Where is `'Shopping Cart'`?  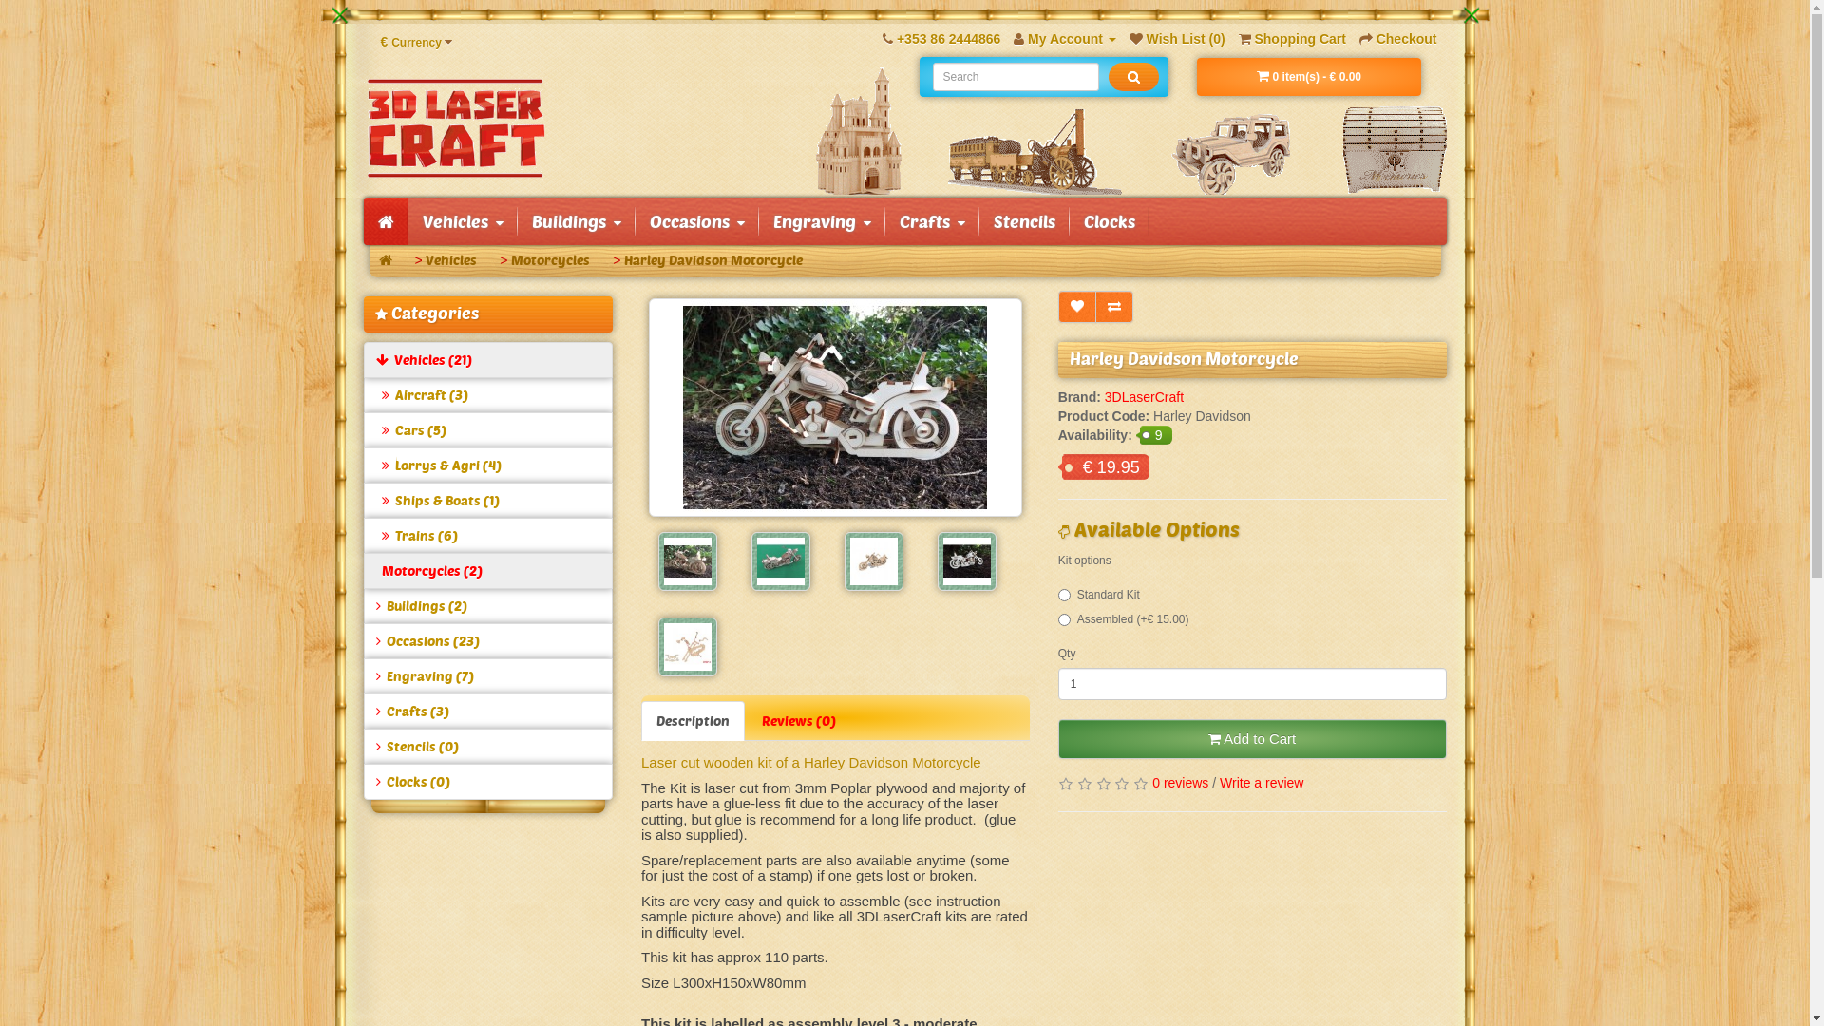
'Shopping Cart' is located at coordinates (1292, 39).